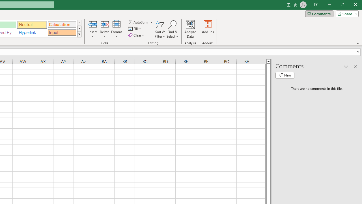  Describe the element at coordinates (285, 75) in the screenshot. I see `'New comment'` at that location.